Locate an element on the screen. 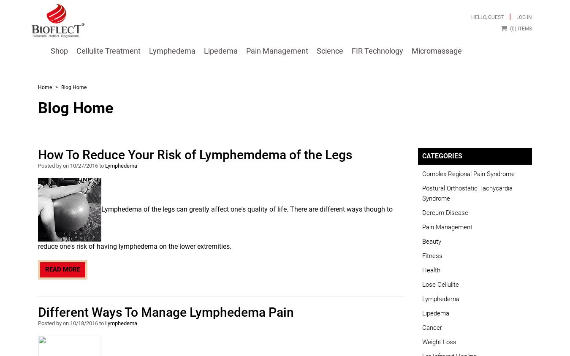 This screenshot has height=356, width=570. 'Complex Regional Pain Syndrome' is located at coordinates (468, 173).